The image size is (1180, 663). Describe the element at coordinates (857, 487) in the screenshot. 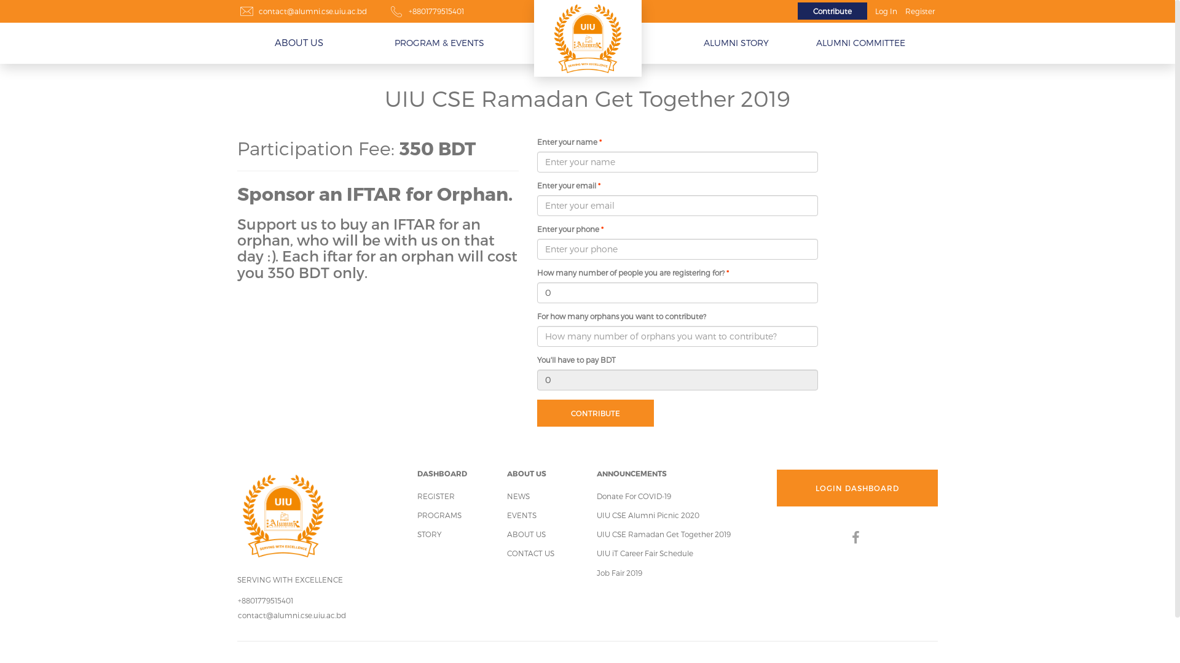

I see `'LOGIN DASHBOARD'` at that location.